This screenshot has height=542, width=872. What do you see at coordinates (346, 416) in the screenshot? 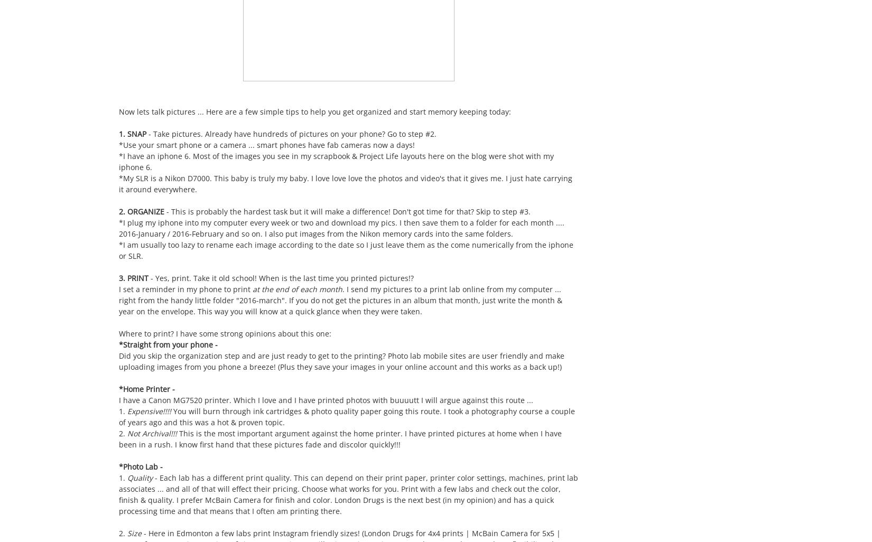
I see `'You will burn through ink cartridges & photo quality paper going this route. I took a photography course a couple of years ago and this was a hot & proven topic.'` at bounding box center [346, 416].